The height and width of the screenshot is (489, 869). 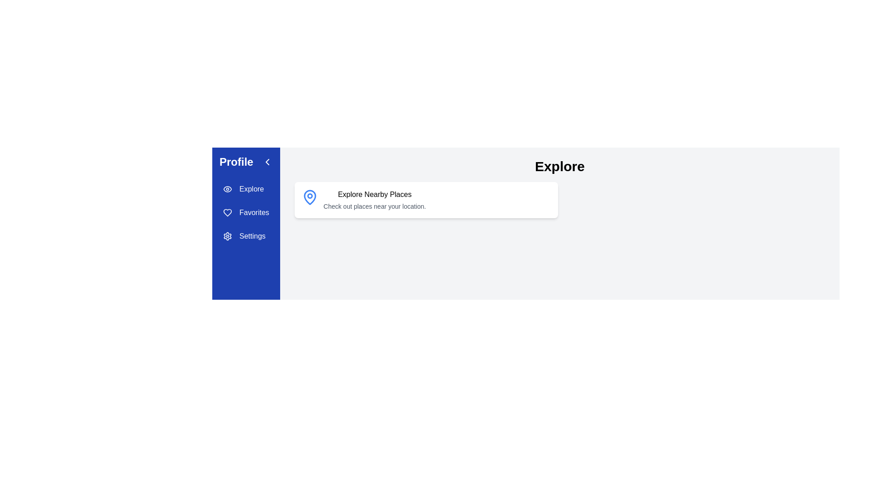 What do you see at coordinates (375, 206) in the screenshot?
I see `the static text that reads 'Check out places near your location.', which is styled in a smaller font size and light gray color, located beneath the 'Explore Nearby Places' heading` at bounding box center [375, 206].